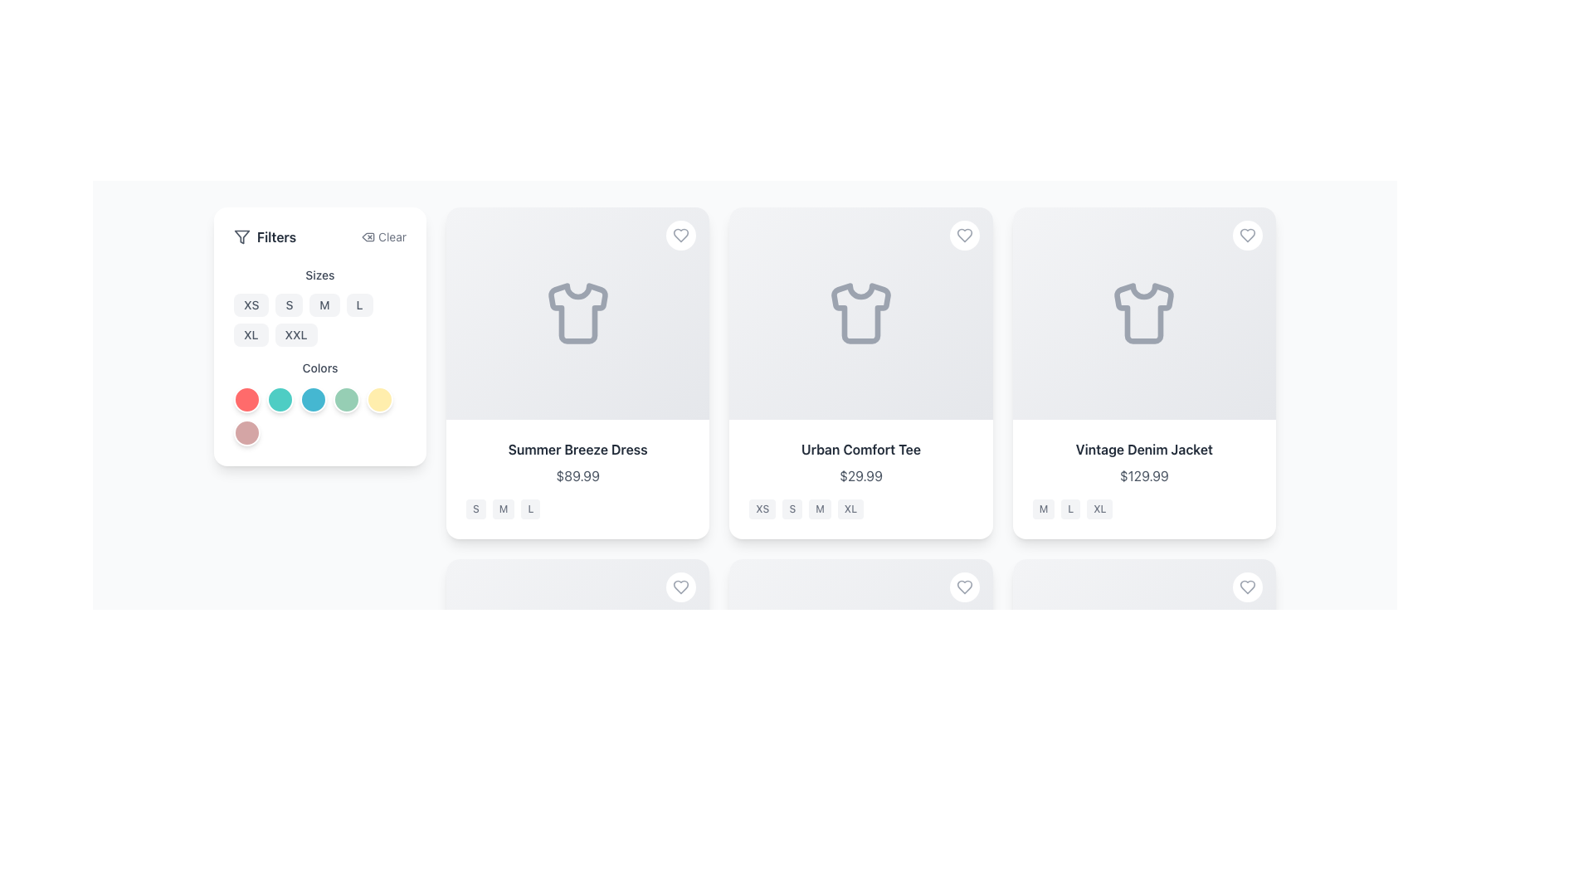 This screenshot has width=1593, height=896. I want to click on the product information block for 'Urban Comfort Tee' located in the center of the third product card from the left, so click(860, 480).